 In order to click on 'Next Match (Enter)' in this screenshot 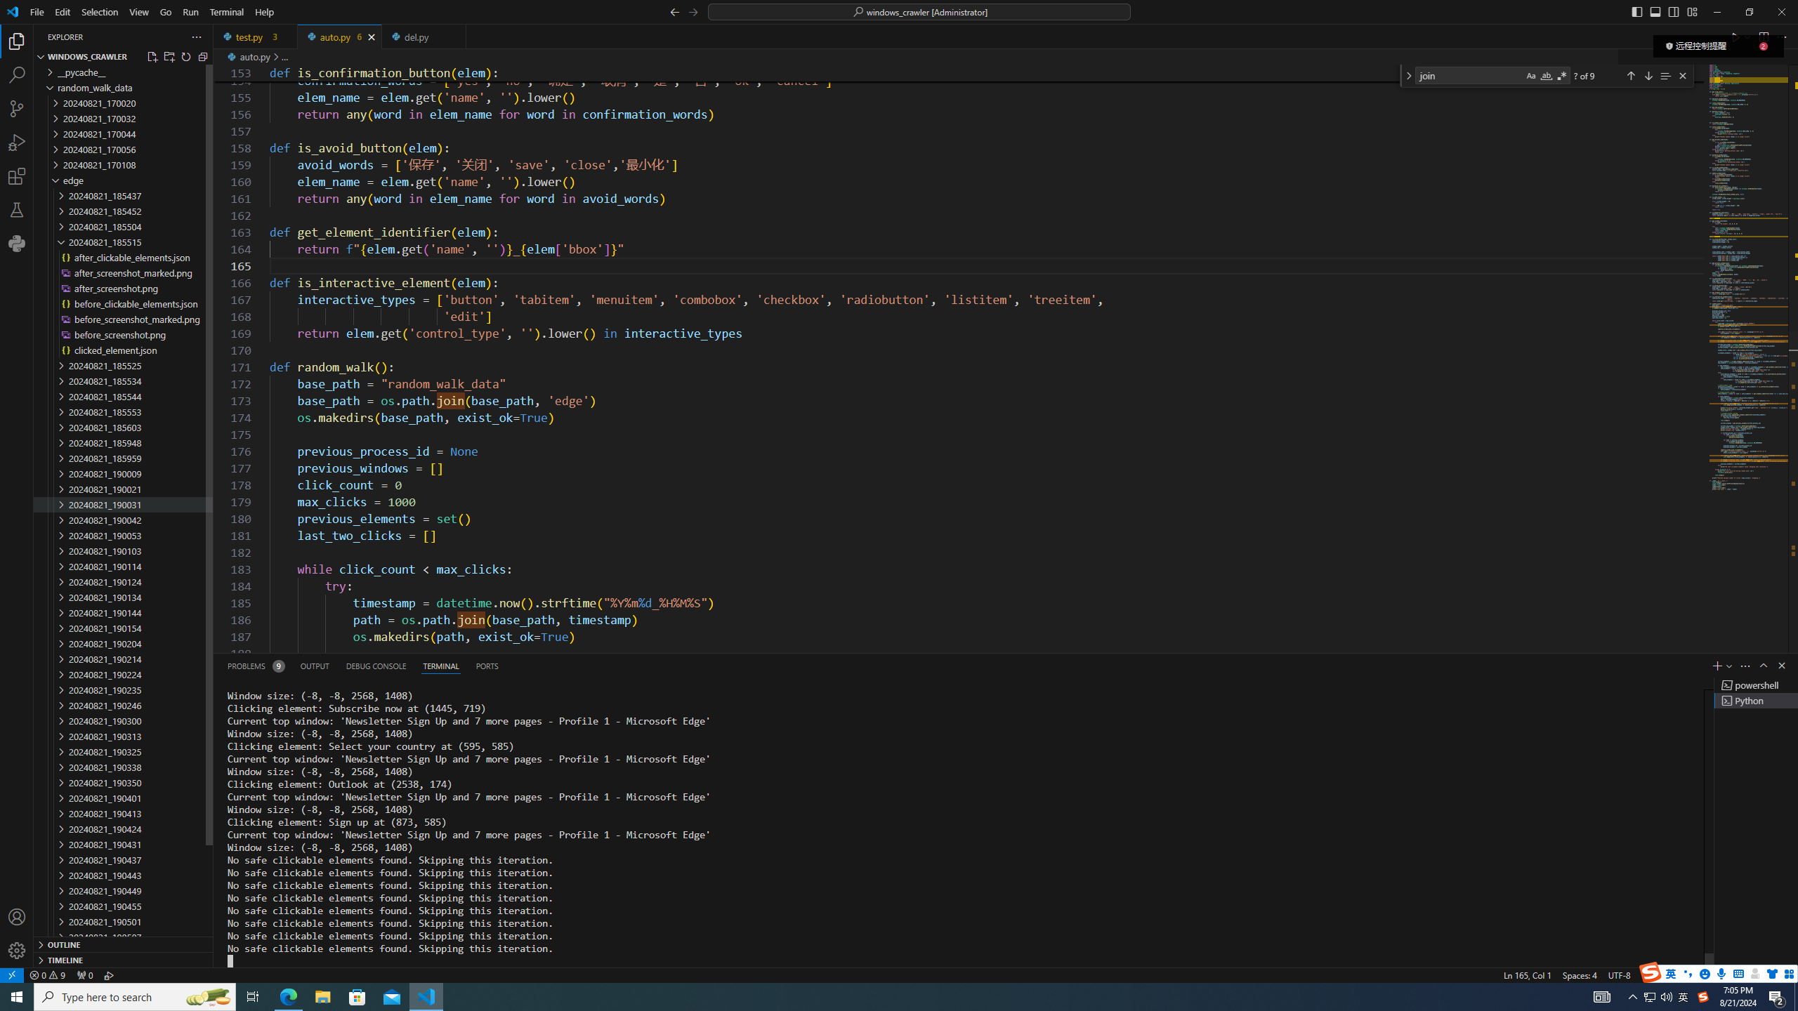, I will do `click(1647, 75)`.